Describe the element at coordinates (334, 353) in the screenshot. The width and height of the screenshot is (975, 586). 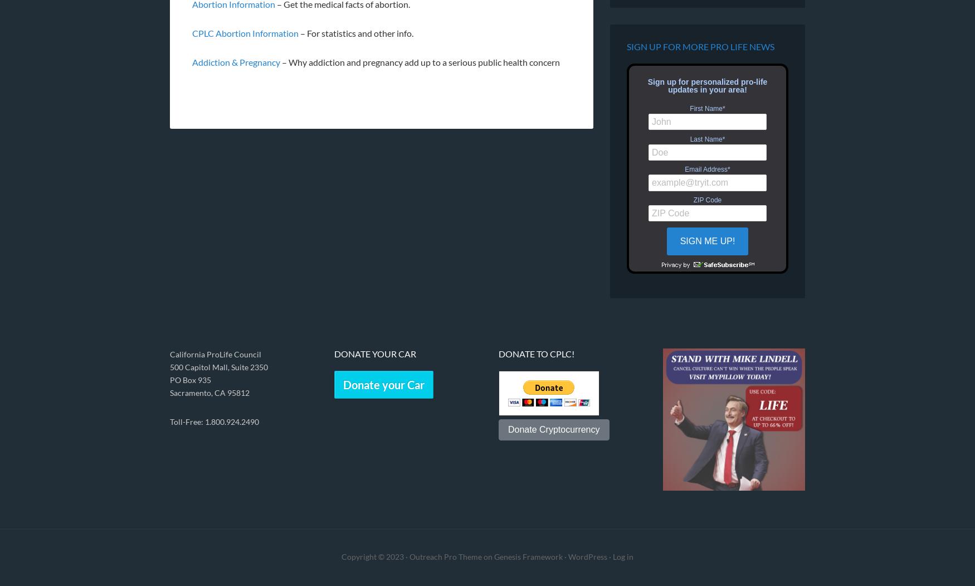
I see `'Donate Your Car'` at that location.